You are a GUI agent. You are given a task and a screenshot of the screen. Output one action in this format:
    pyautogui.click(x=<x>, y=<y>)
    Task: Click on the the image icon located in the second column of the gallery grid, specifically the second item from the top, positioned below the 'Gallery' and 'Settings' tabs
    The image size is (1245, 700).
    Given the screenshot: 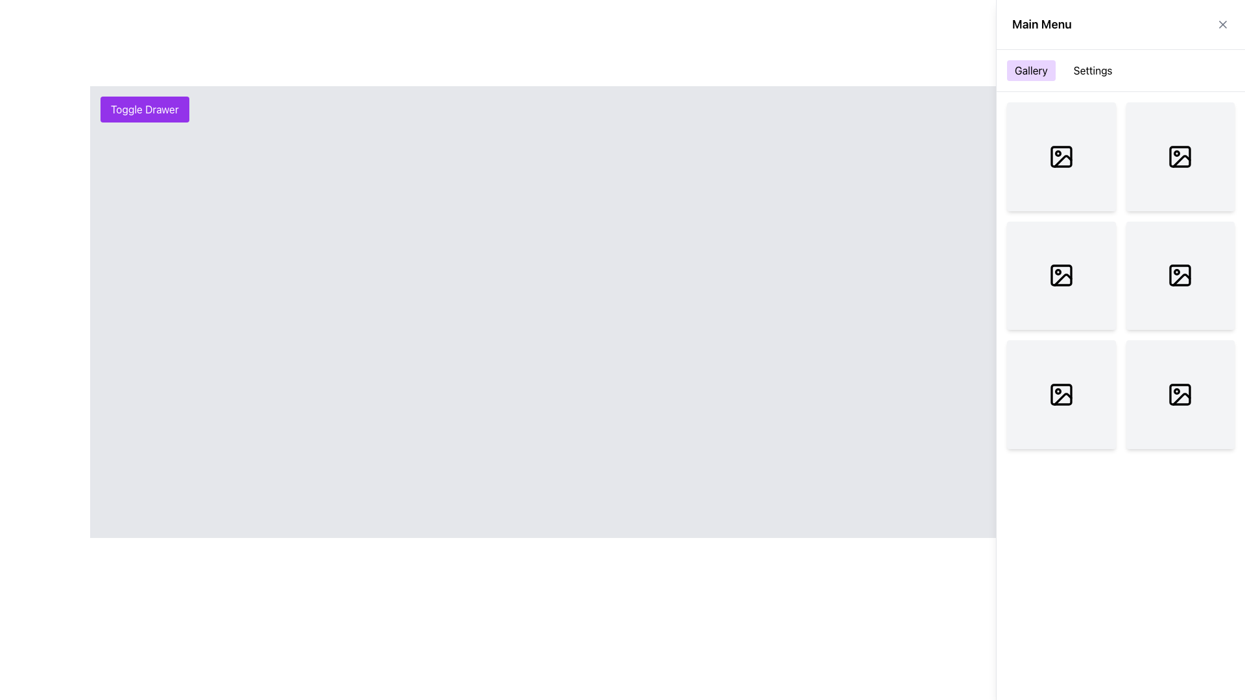 What is the action you would take?
    pyautogui.click(x=1061, y=275)
    